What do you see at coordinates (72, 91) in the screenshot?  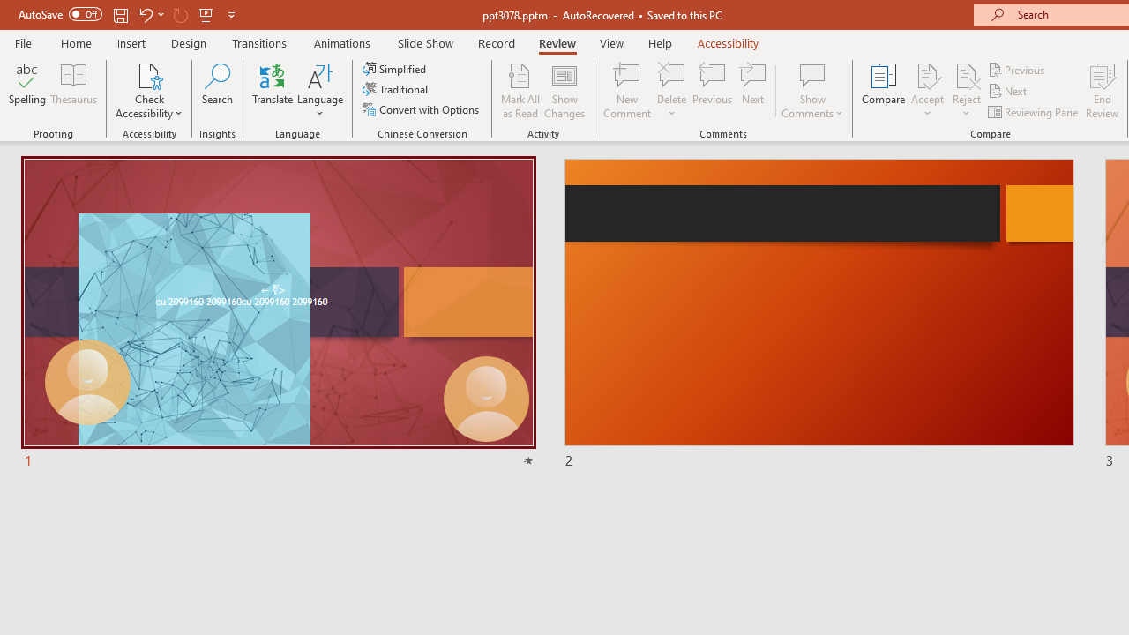 I see `'Thesaurus...'` at bounding box center [72, 91].